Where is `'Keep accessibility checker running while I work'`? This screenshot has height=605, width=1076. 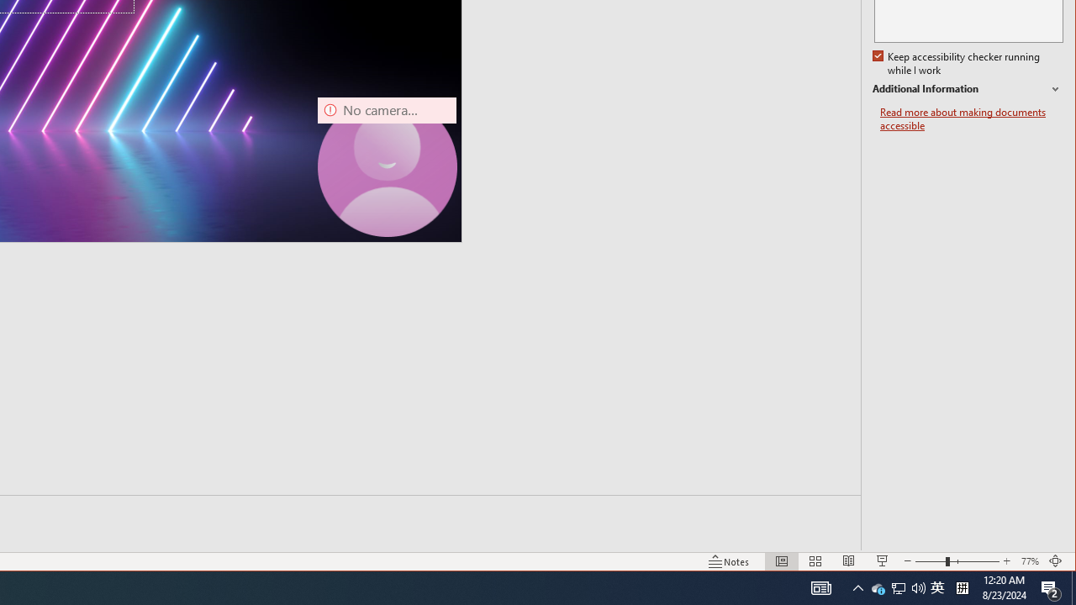 'Keep accessibility checker running while I work' is located at coordinates (957, 63).